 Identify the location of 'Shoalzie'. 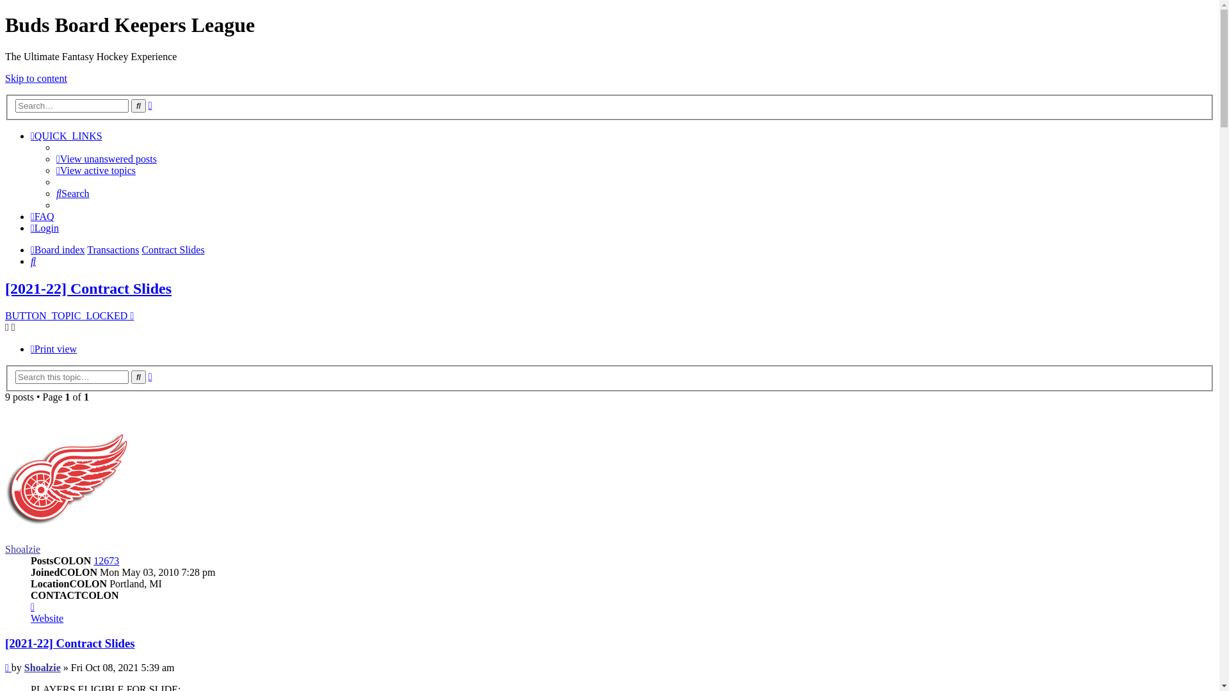
(22, 548).